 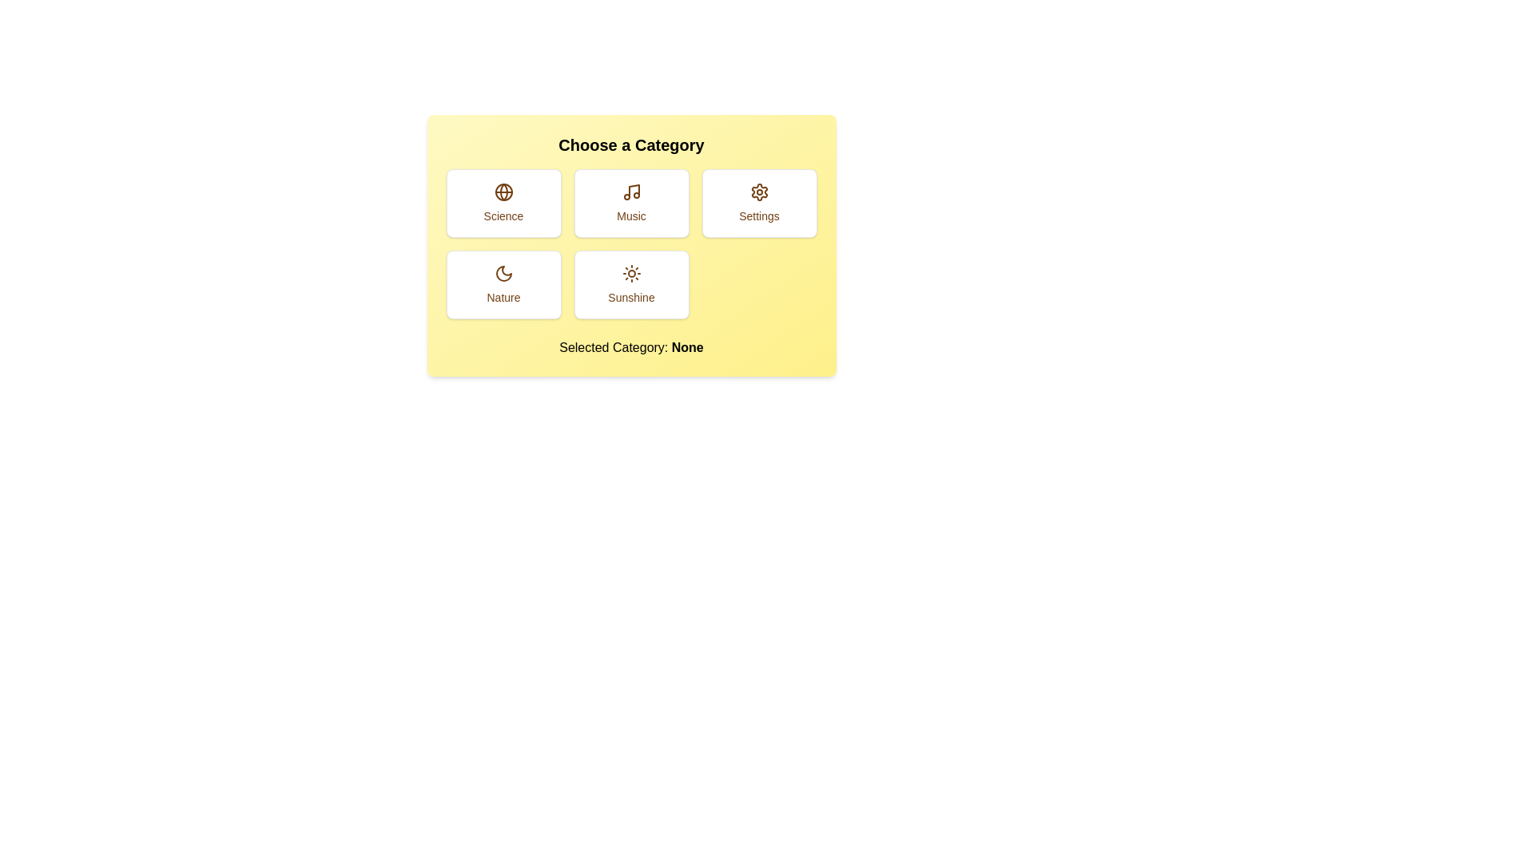 What do you see at coordinates (630, 191) in the screenshot?
I see `the 'Music' icon, which is represented by a musical note within the button labeled 'Music' in the selection grid` at bounding box center [630, 191].